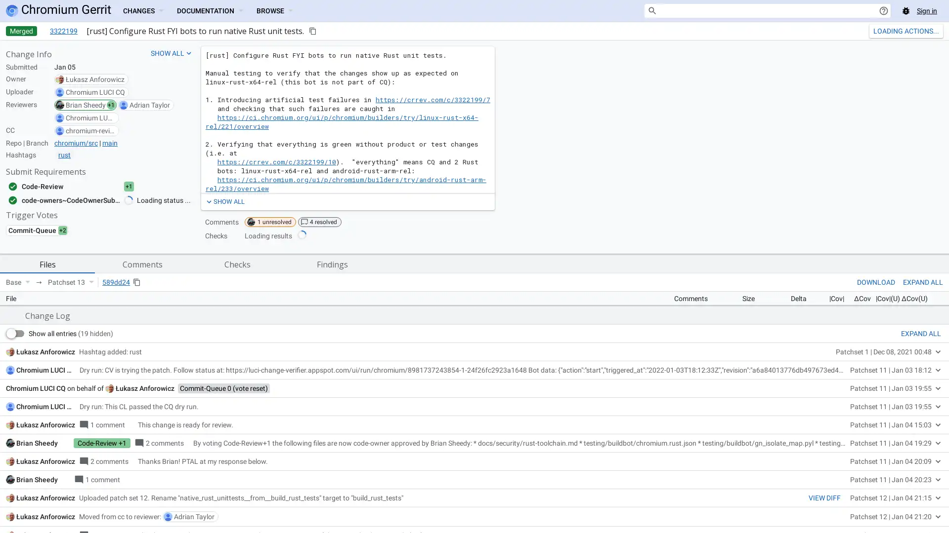  What do you see at coordinates (320, 222) in the screenshot?
I see `4 resolved` at bounding box center [320, 222].